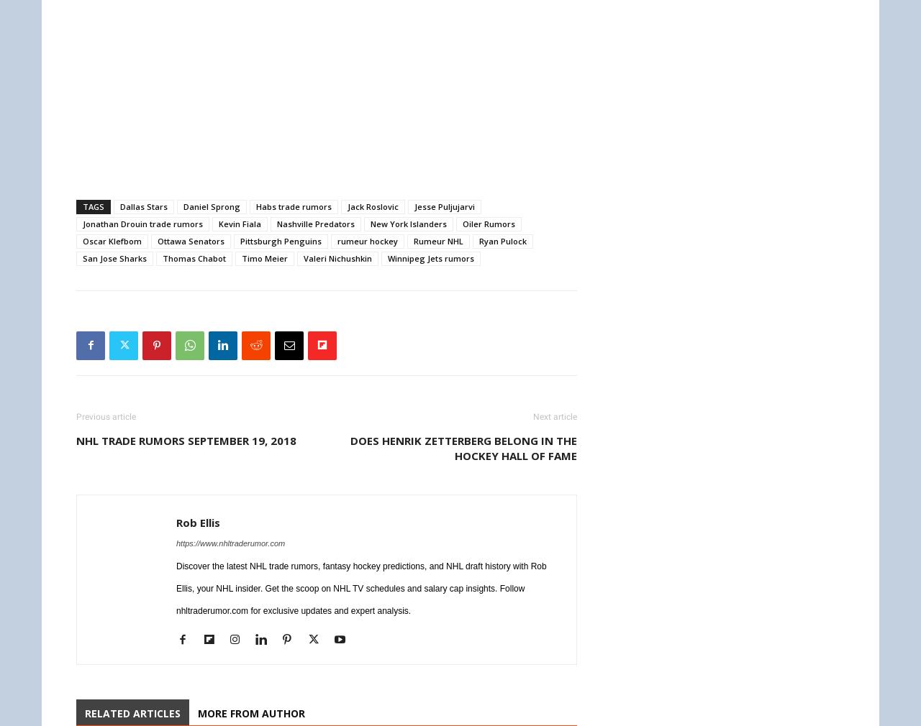  Describe the element at coordinates (193, 257) in the screenshot. I see `'Thomas Chabot'` at that location.